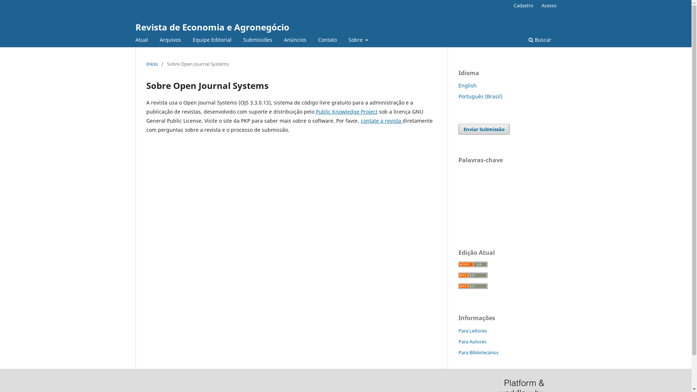 This screenshot has height=392, width=697. Describe the element at coordinates (549, 5) in the screenshot. I see `'Acesso'` at that location.